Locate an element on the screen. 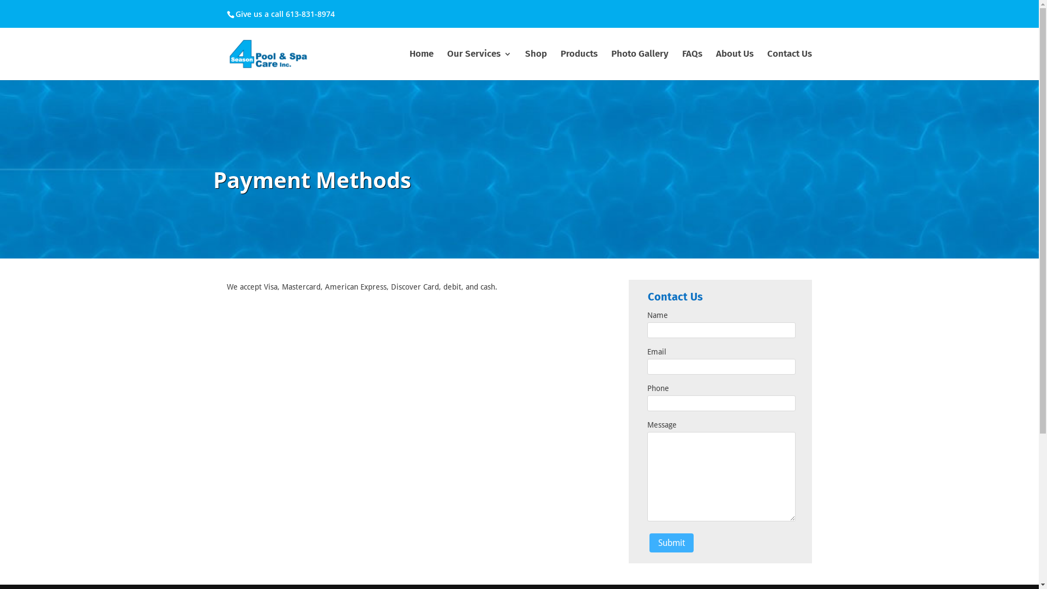 This screenshot has width=1047, height=589. 'Our Services' is located at coordinates (479, 65).